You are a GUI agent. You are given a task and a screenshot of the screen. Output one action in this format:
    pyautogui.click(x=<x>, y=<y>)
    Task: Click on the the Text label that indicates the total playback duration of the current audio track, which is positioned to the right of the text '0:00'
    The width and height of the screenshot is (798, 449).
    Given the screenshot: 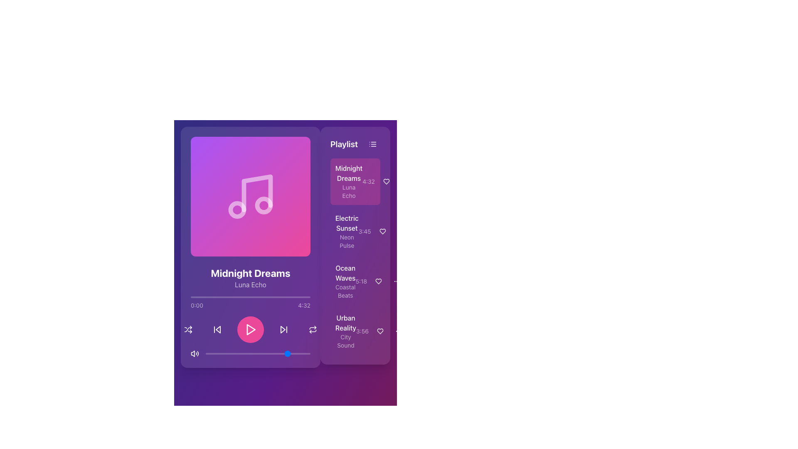 What is the action you would take?
    pyautogui.click(x=304, y=306)
    